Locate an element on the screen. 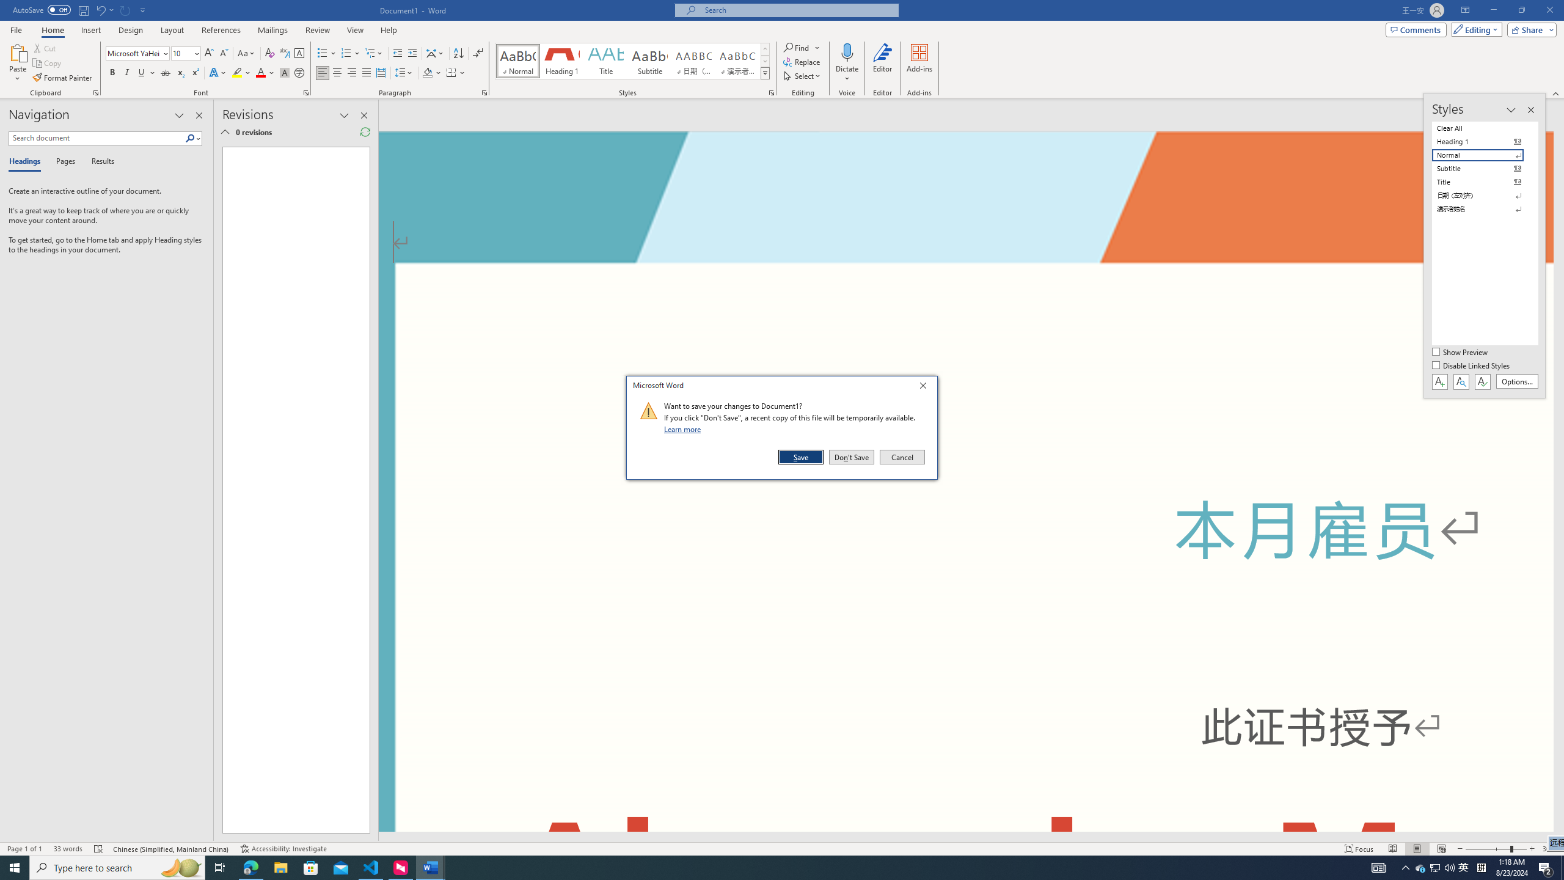  'Accessibility Checker Accessibility: Investigate' is located at coordinates (283, 849).